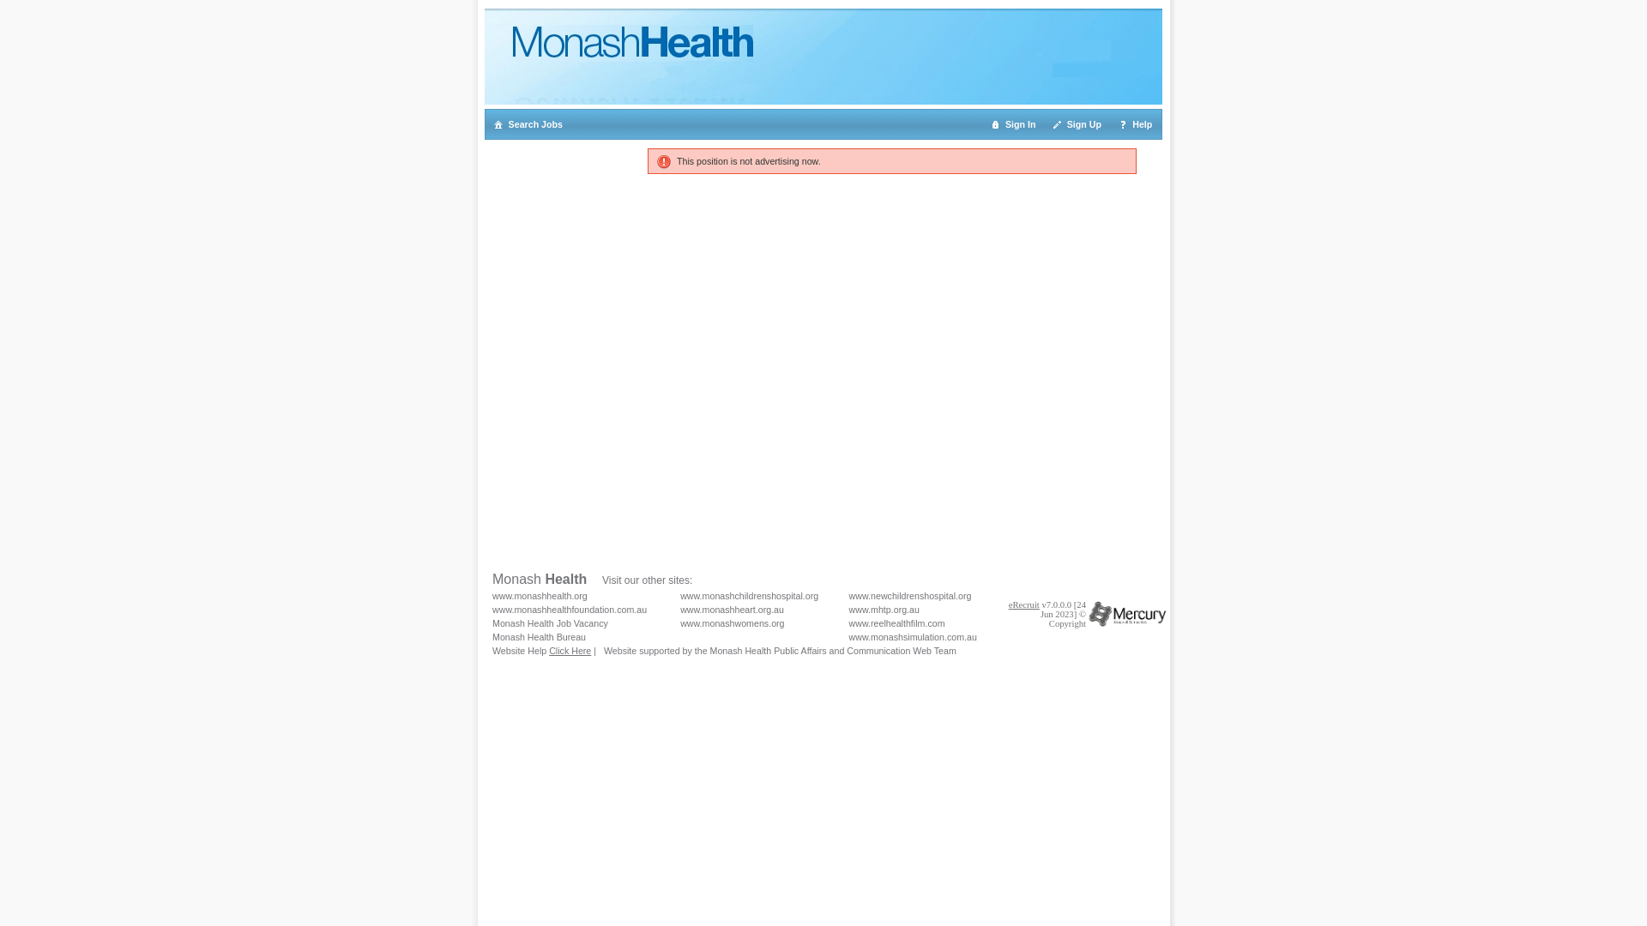 This screenshot has height=926, width=1647. What do you see at coordinates (570, 651) in the screenshot?
I see `'Click Here'` at bounding box center [570, 651].